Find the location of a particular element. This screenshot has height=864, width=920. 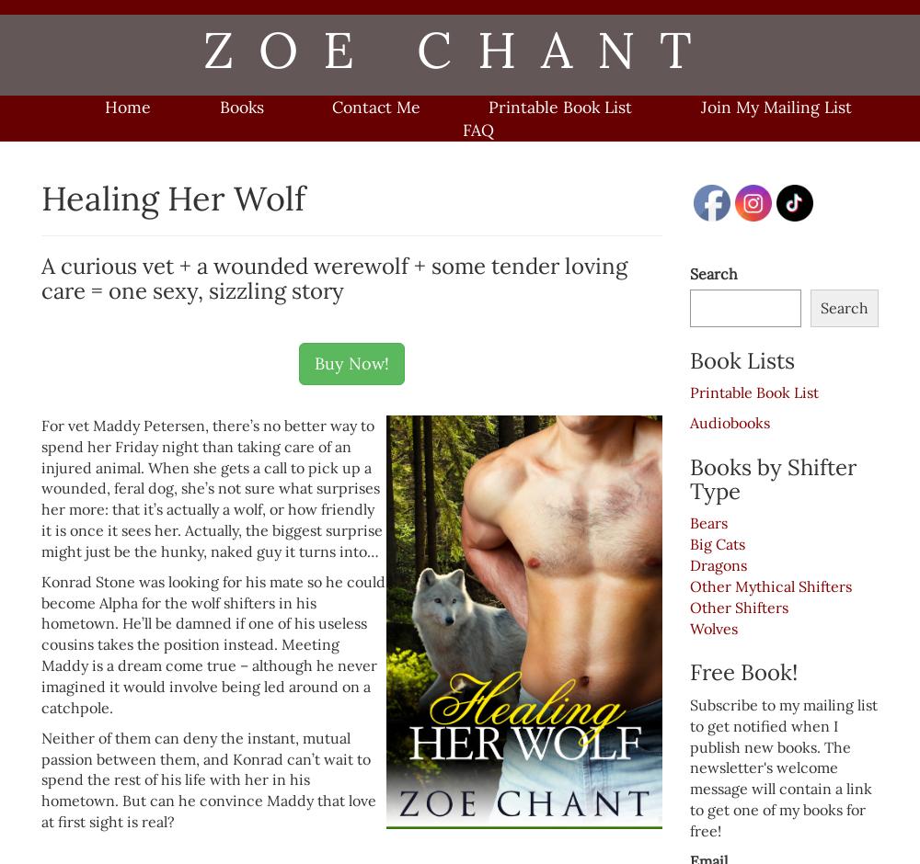

'Buy Now!' is located at coordinates (314, 363).